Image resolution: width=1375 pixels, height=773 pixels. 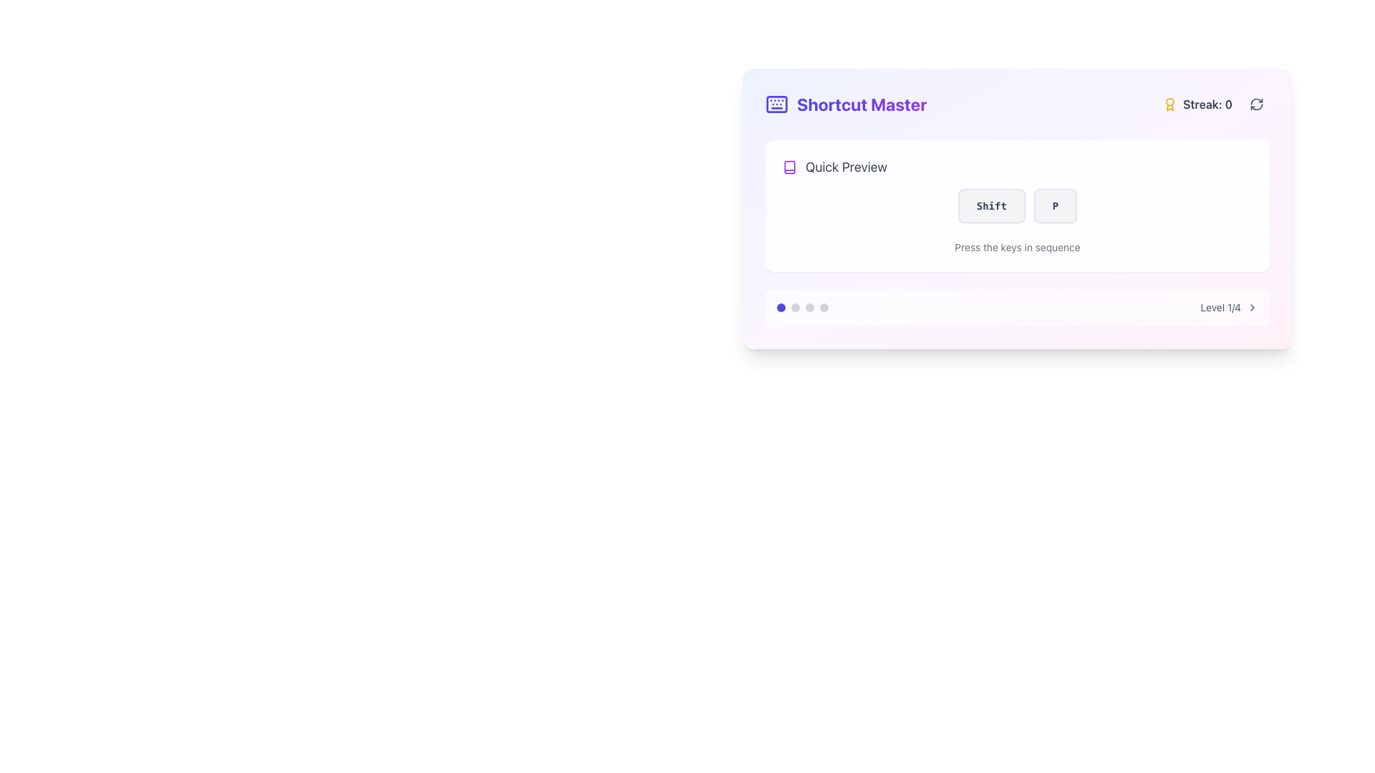 I want to click on the third circular progress indicator, which is light gray and part of a group of four indicators displayed horizontally at the bottom of the 'Shortcut Master' card, so click(x=810, y=306).